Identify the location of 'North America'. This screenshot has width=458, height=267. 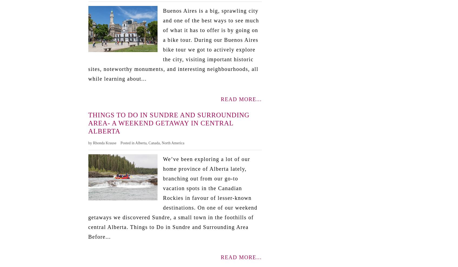
(173, 142).